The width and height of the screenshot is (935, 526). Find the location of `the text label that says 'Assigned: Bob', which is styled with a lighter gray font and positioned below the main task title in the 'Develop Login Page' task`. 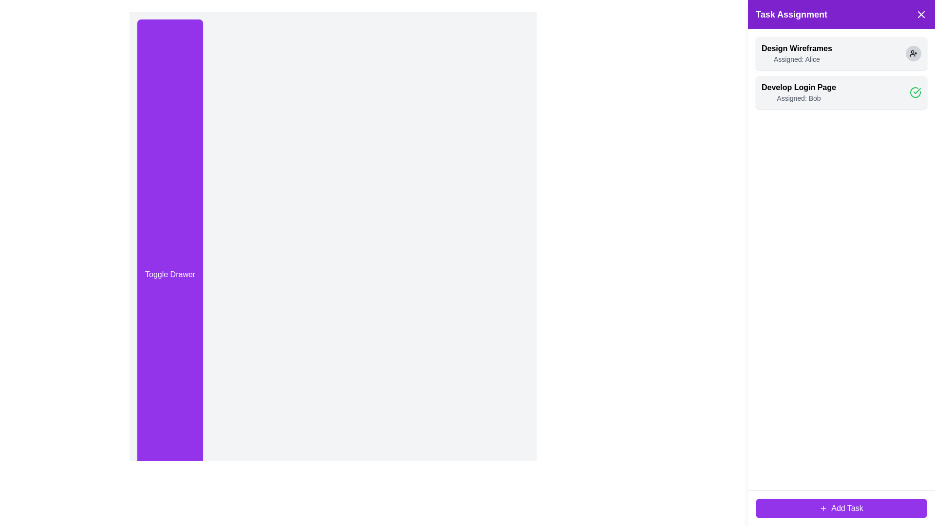

the text label that says 'Assigned: Bob', which is styled with a lighter gray font and positioned below the main task title in the 'Develop Login Page' task is located at coordinates (799, 98).